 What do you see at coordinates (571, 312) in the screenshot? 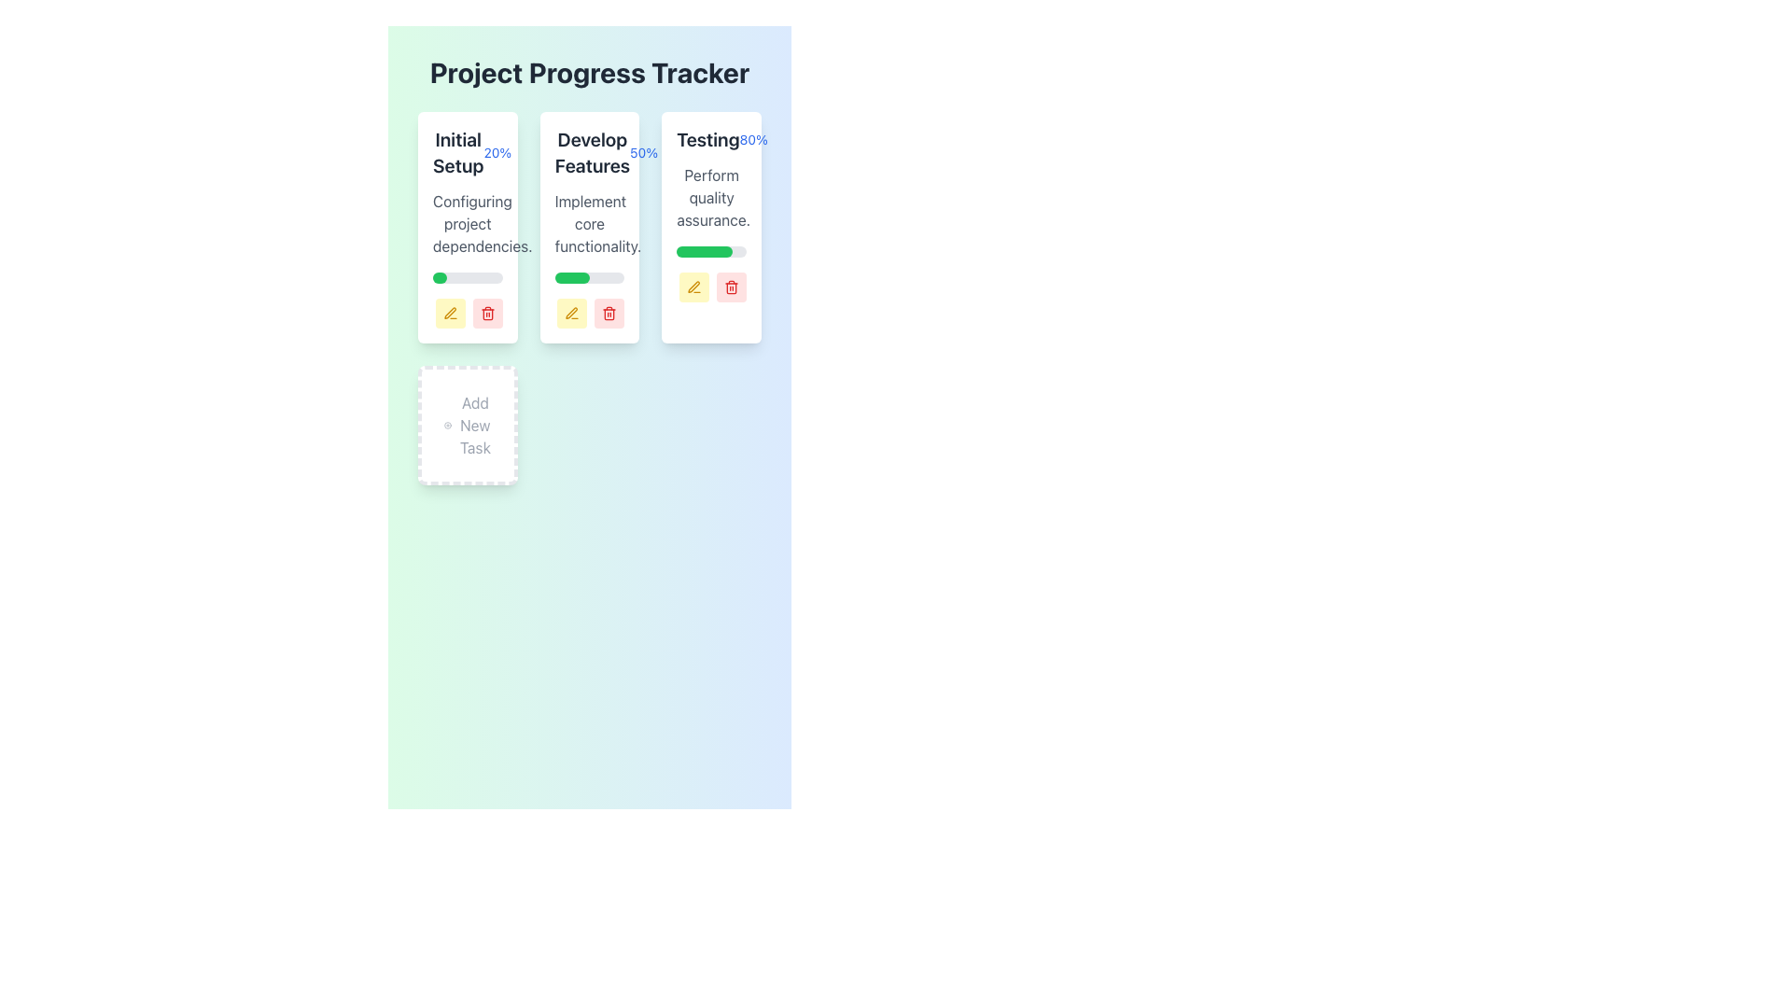
I see `the yellow pen icon button located in the third task card titled 'Testing'` at bounding box center [571, 312].